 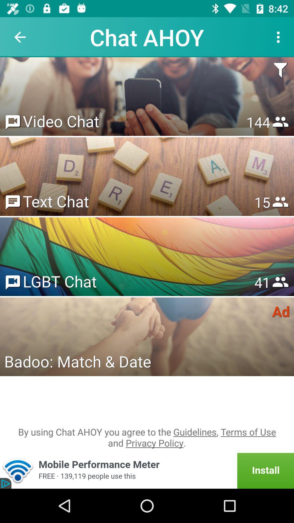 I want to click on the 53 item, so click(x=262, y=282).